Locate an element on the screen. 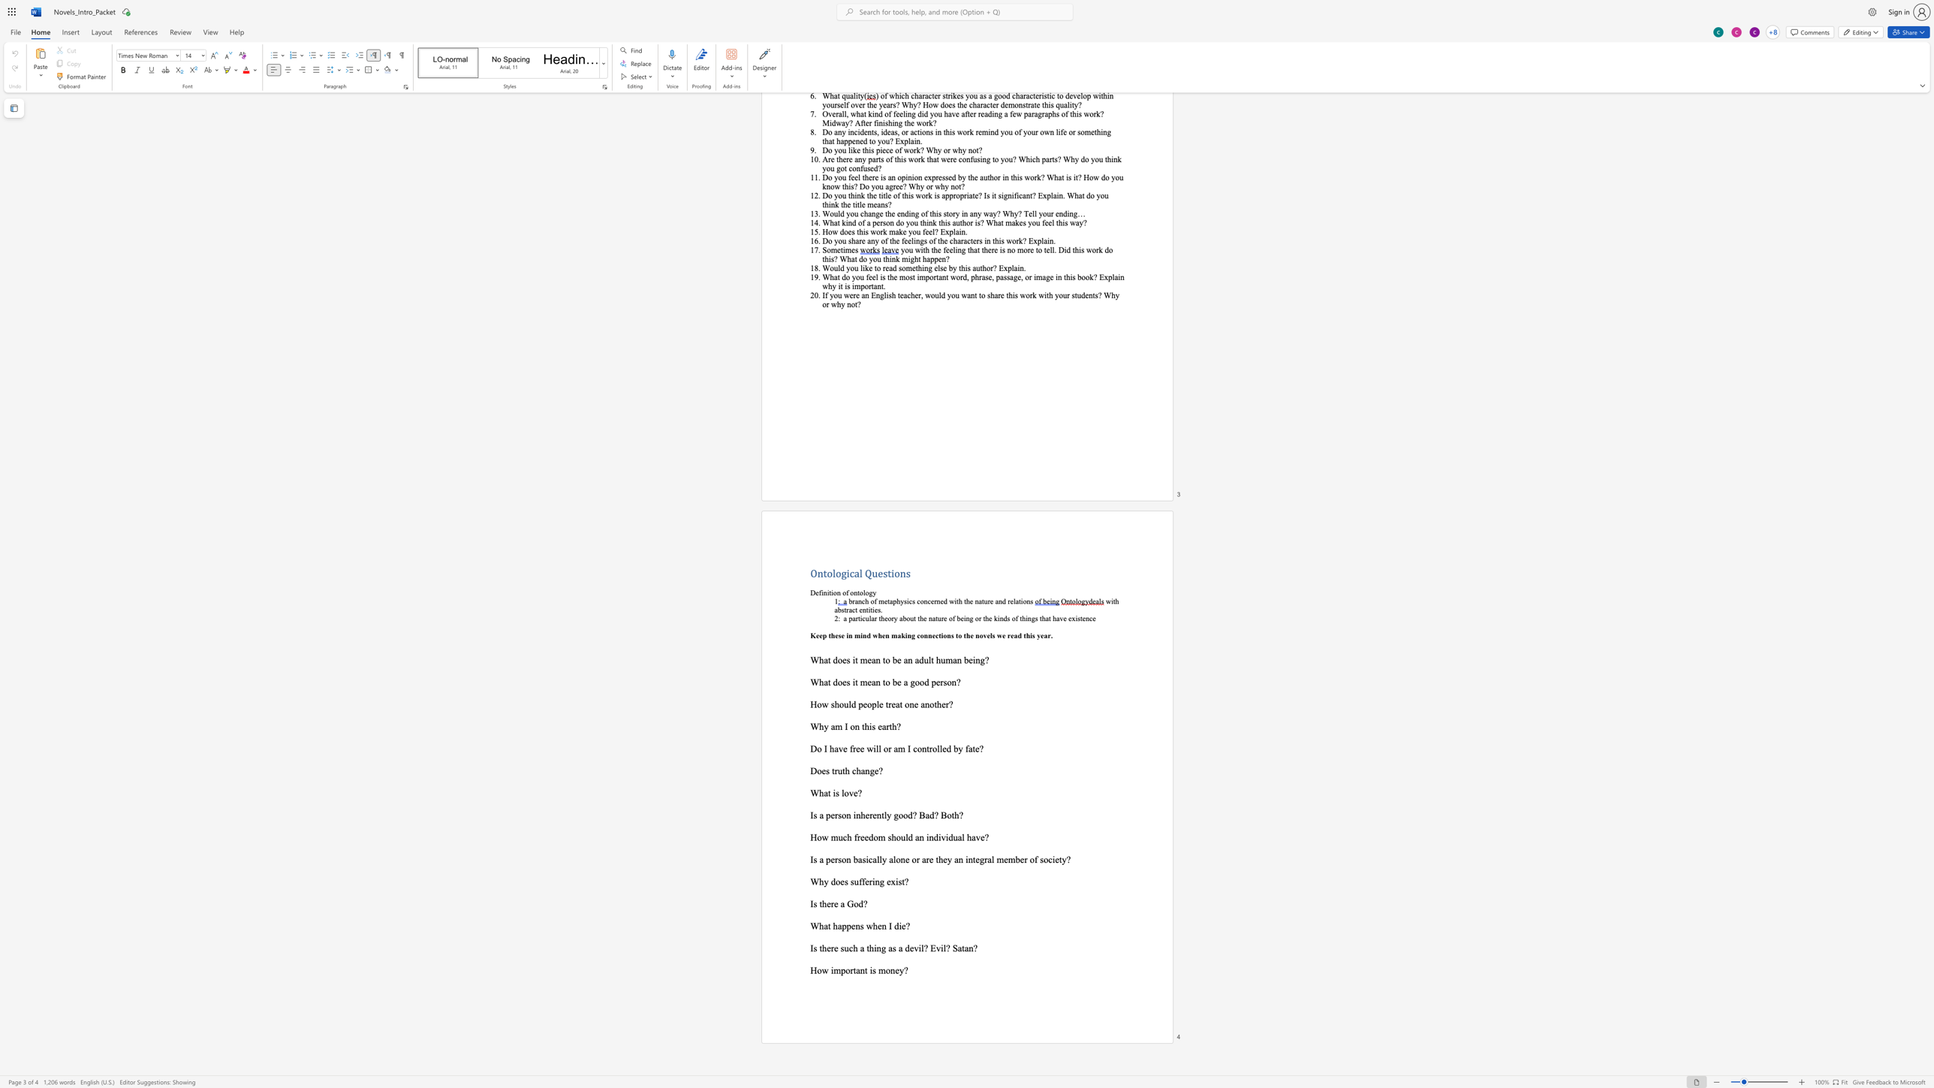 This screenshot has height=1088, width=1934. the space between the continuous character "W" and "h" in the text is located at coordinates (818, 882).